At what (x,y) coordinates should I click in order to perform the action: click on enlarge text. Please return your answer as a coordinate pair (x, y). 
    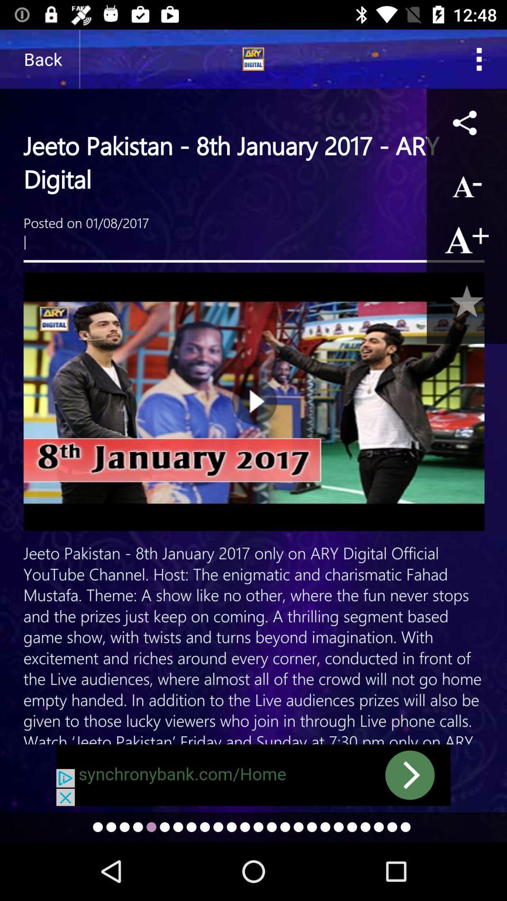
    Looking at the image, I should click on (467, 239).